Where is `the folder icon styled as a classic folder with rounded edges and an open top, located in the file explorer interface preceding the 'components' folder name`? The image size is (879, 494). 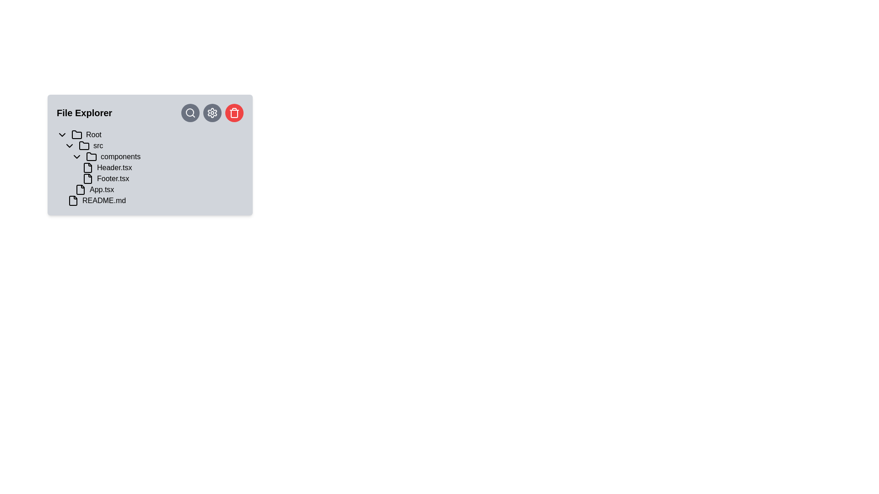 the folder icon styled as a classic folder with rounded edges and an open top, located in the file explorer interface preceding the 'components' folder name is located at coordinates (92, 156).